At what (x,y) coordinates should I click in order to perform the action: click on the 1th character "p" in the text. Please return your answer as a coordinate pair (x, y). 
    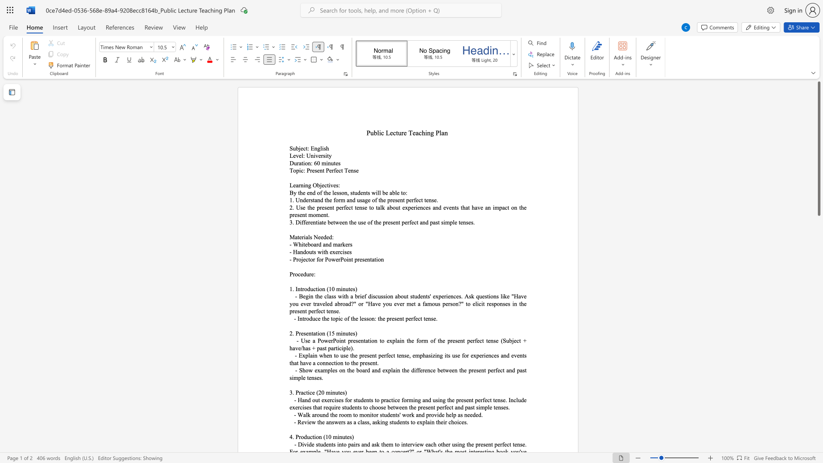
    Looking at the image, I should click on (297, 170).